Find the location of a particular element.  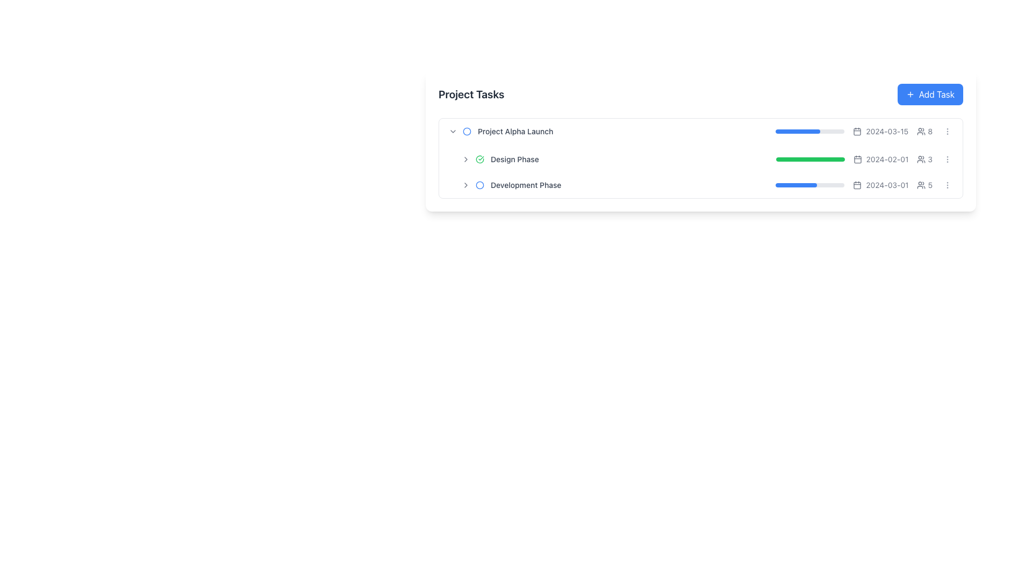

progress level is located at coordinates (801, 160).